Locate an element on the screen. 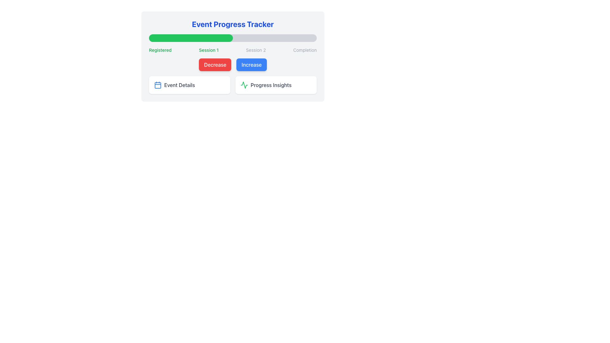  the progress insights icon located at the bottom-right of the section is located at coordinates (244, 84).